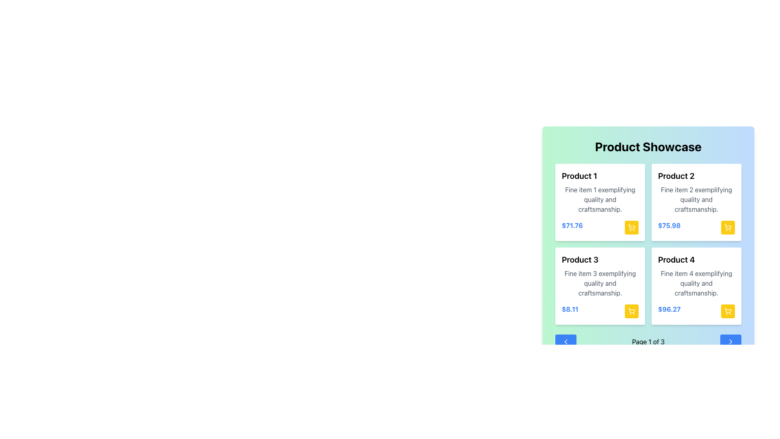 This screenshot has height=439, width=780. I want to click on the Price label displaying the price for 'Product 2', which is positioned to the left of the text content and above a yellow shopping cart button, so click(669, 227).